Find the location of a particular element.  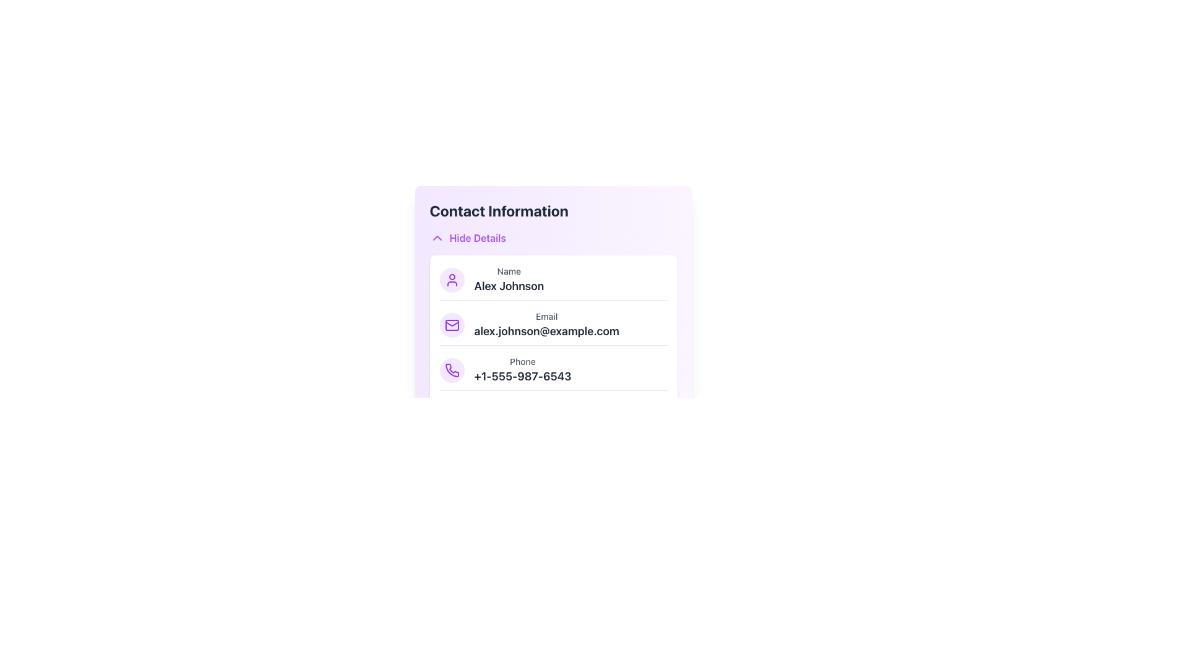

the Decorative icon, which is a circular icon with a purple background and a white telephone symbol, located in the contact information section to the left of the text '+1-555-987-6543' is located at coordinates (451, 369).